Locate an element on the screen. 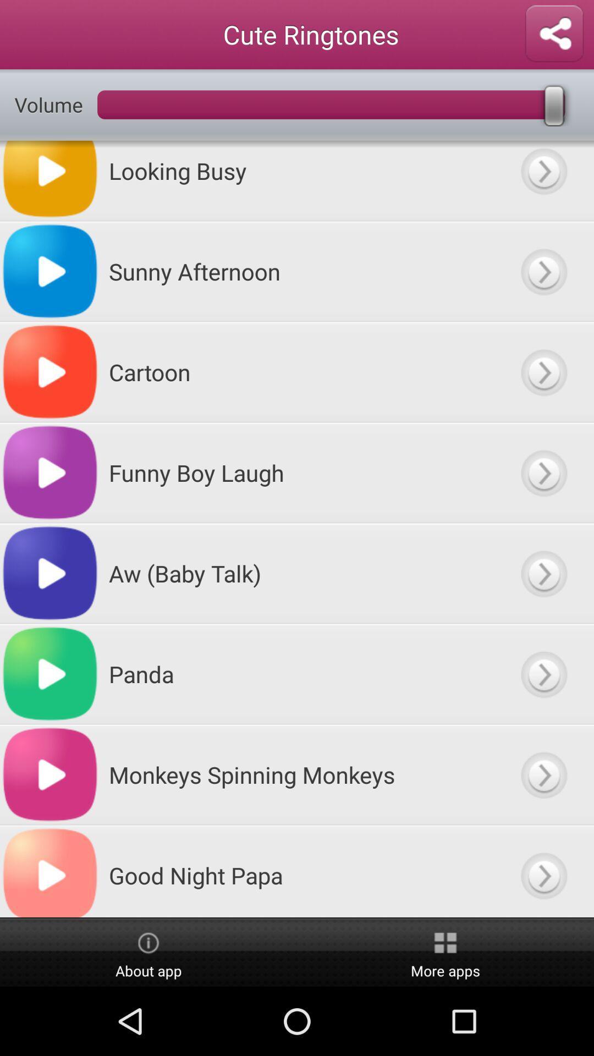 The height and width of the screenshot is (1056, 594). share the fill in seen is located at coordinates (554, 34).